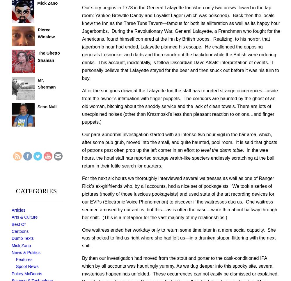 This screenshot has height=281, width=291. Describe the element at coordinates (24, 217) in the screenshot. I see `'Arts & Culture'` at that location.